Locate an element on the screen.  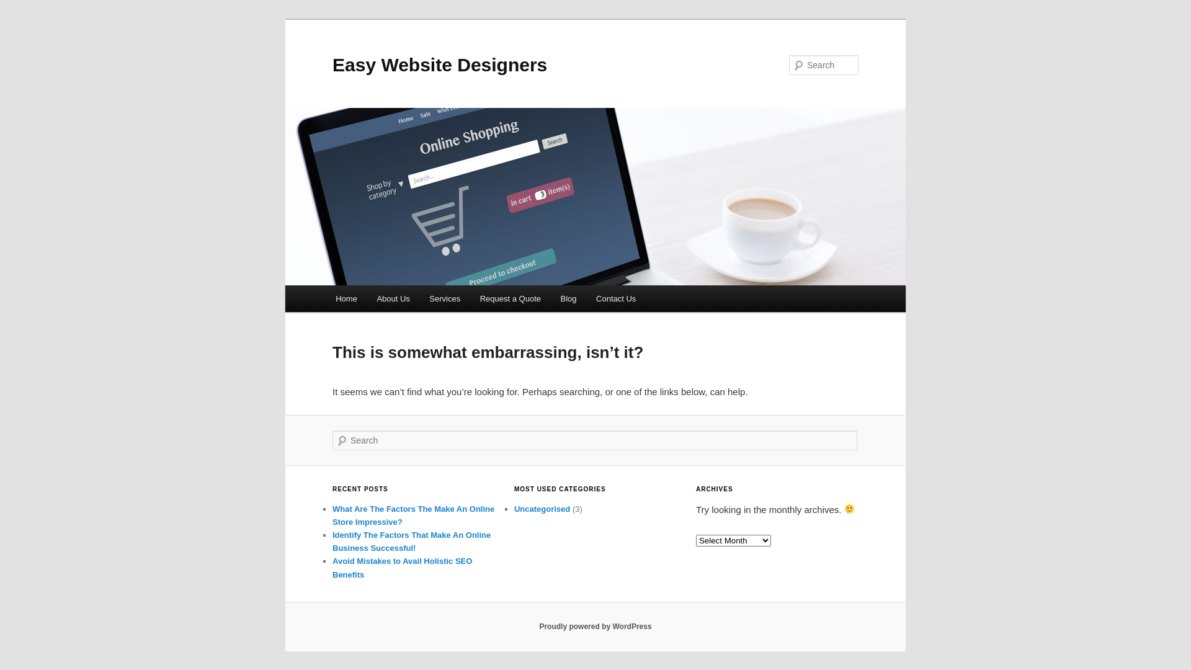
'Blog' is located at coordinates (568, 298).